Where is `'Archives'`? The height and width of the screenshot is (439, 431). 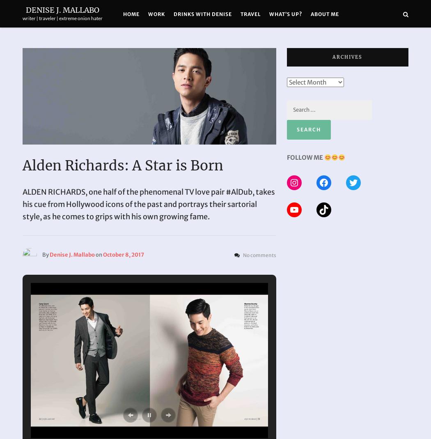
'Archives' is located at coordinates (347, 57).